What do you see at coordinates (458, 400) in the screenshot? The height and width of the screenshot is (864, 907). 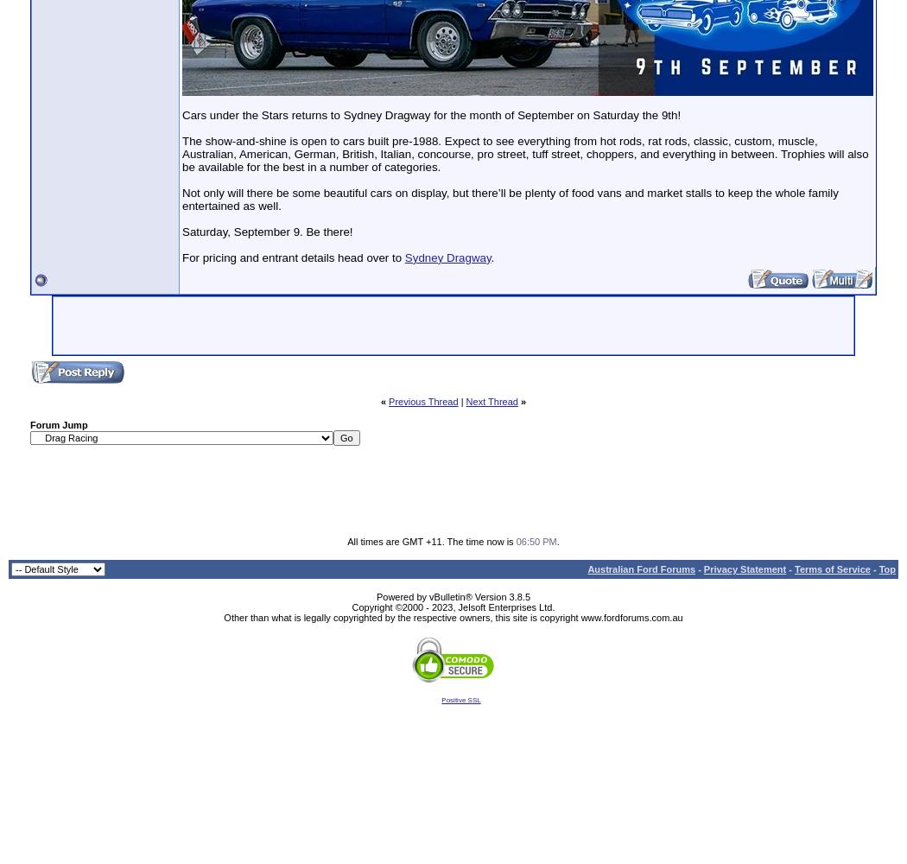 I see `'|'` at bounding box center [458, 400].